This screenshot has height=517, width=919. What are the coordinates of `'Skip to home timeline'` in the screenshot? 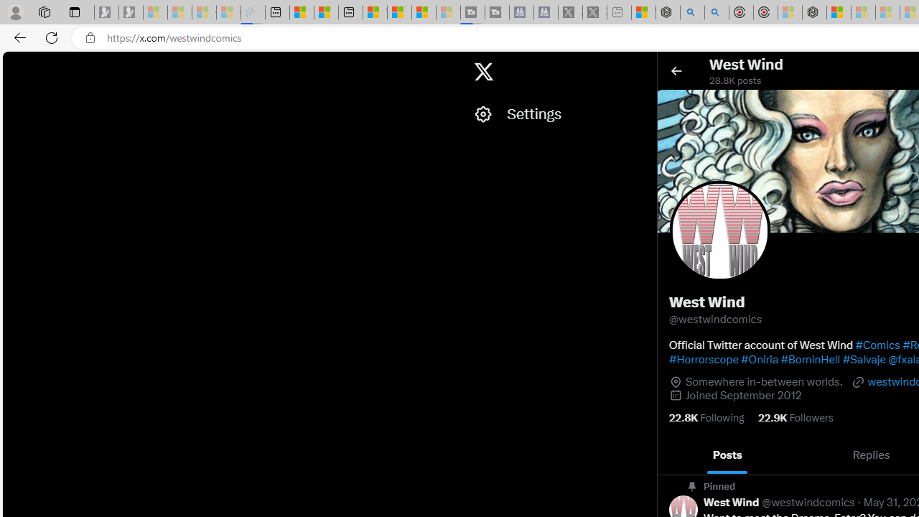 It's located at (15, 65).